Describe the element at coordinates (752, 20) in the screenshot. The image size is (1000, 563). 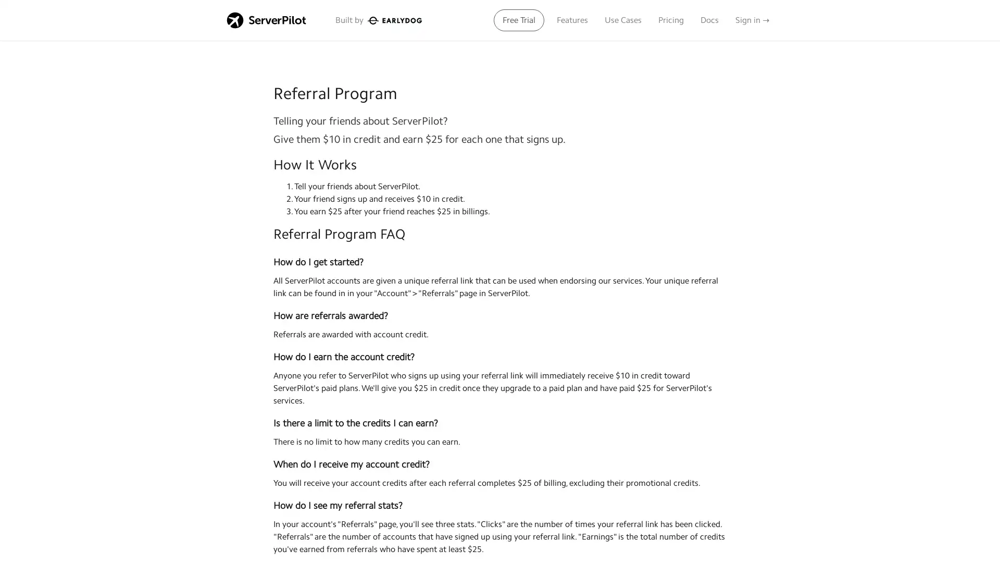
I see `Sign in` at that location.